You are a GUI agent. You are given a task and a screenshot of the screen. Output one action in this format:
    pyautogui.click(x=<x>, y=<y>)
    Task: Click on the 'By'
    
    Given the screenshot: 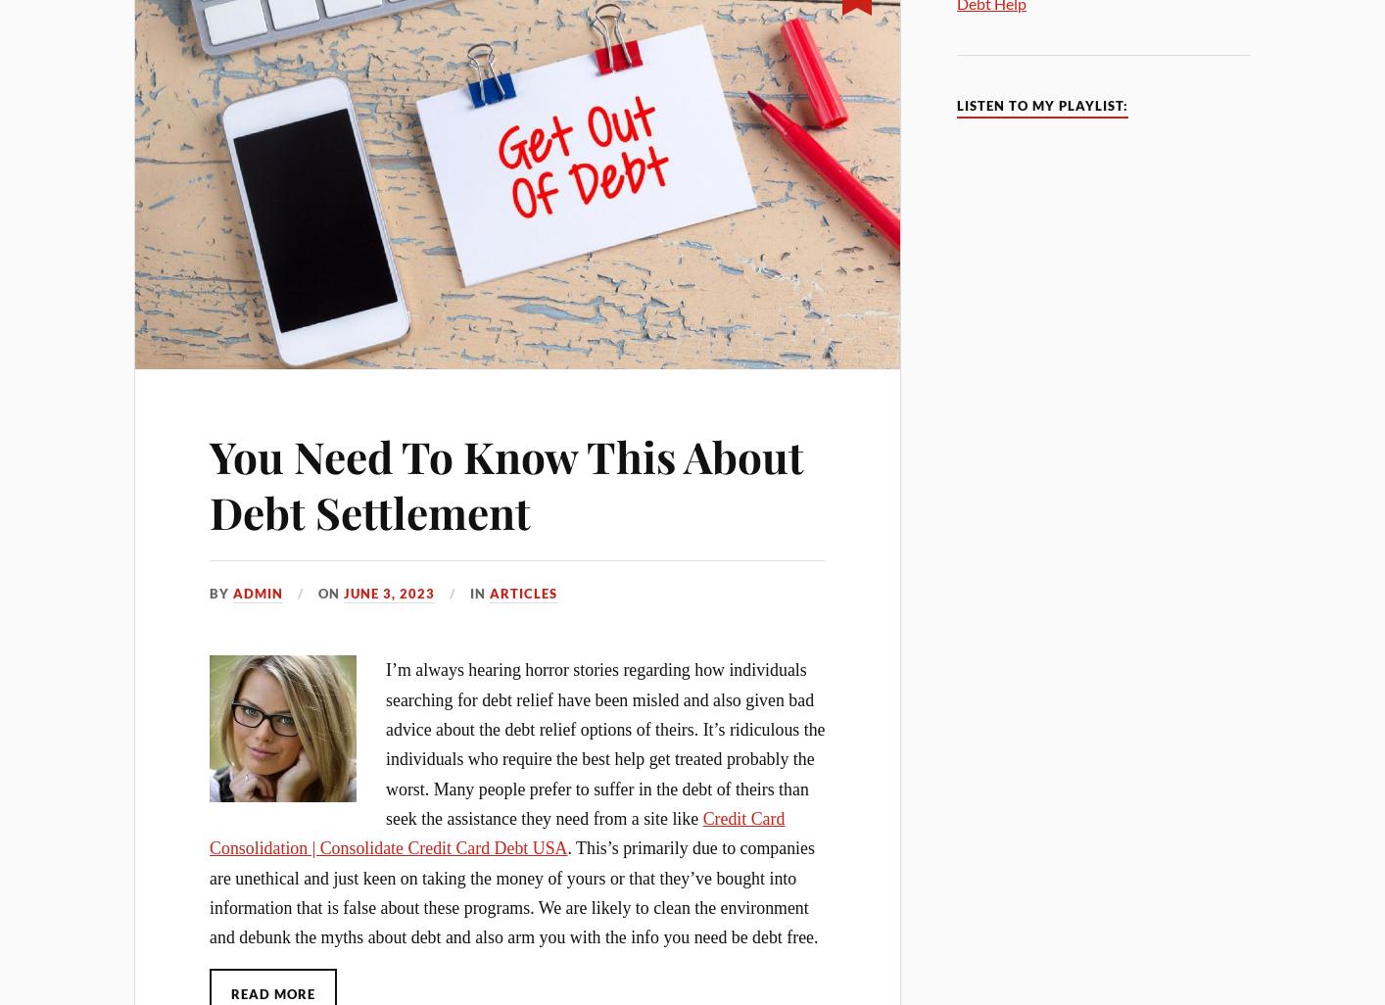 What is the action you would take?
    pyautogui.click(x=219, y=592)
    